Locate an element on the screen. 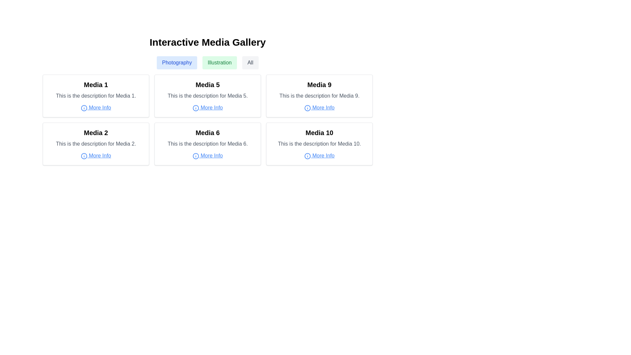 Image resolution: width=631 pixels, height=355 pixels. the SVG graphical element of the 'More Info' feature in the 'Media 2' card, located in the leftmost position of the second row is located at coordinates (83, 156).